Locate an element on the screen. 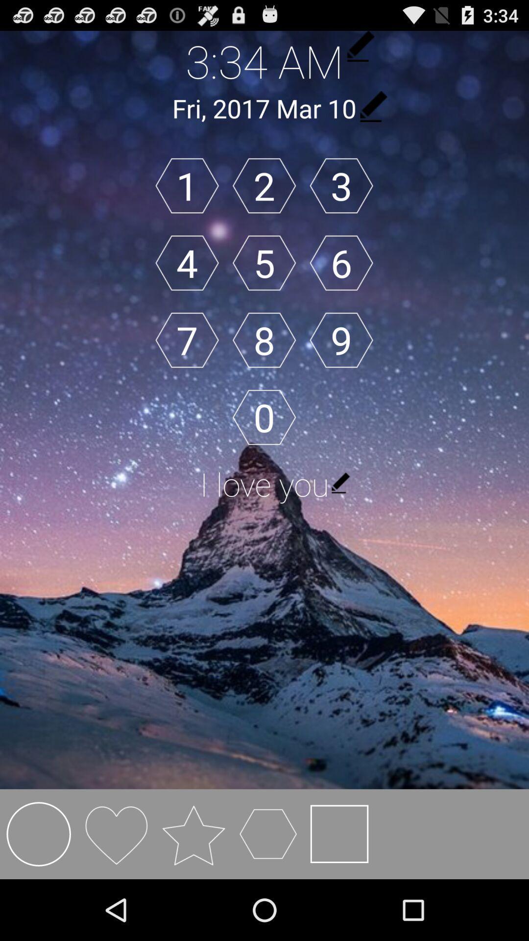  the edit icon is located at coordinates (372, 114).